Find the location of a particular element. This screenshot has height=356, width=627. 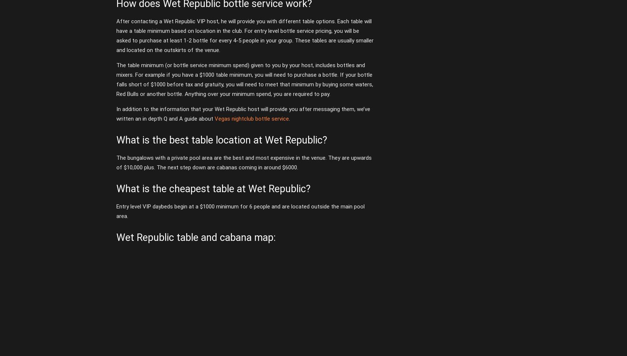

'In addition to the information that your Wet Republic host will provide you after messaging them, we’ve written an in depth Q and A guide about' is located at coordinates (243, 113).